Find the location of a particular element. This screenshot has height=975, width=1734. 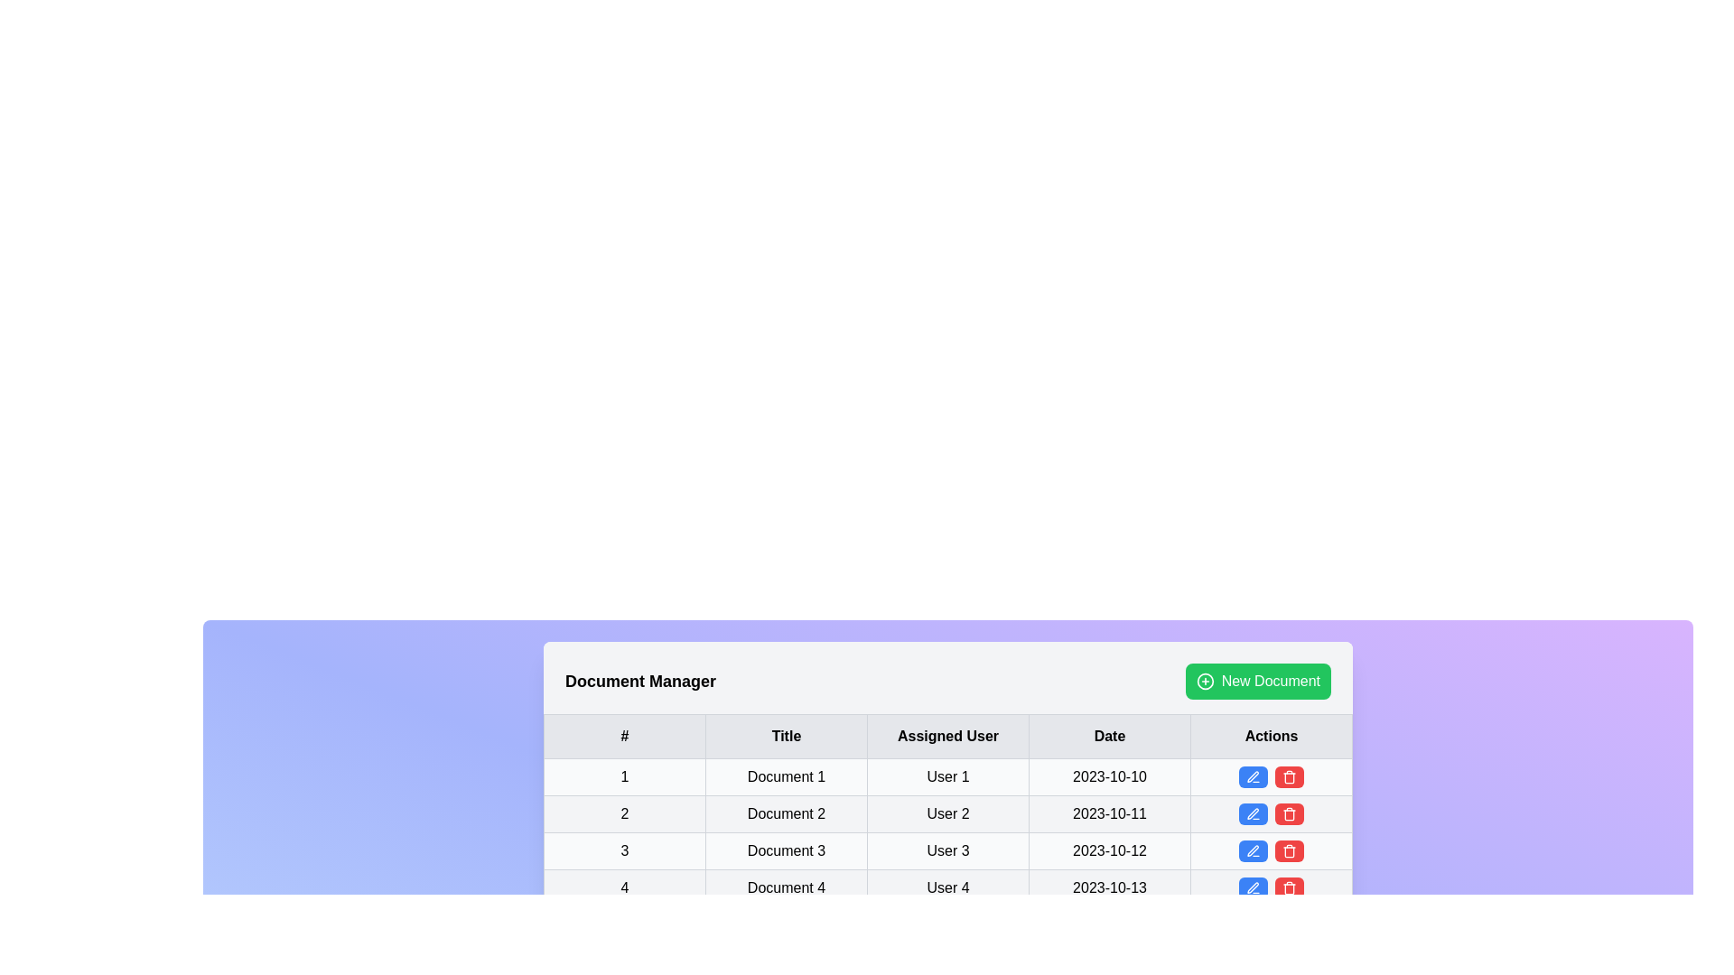

the button in the Actions column corresponding to 'Document 4' to observe the hover effect is located at coordinates (1252, 887).